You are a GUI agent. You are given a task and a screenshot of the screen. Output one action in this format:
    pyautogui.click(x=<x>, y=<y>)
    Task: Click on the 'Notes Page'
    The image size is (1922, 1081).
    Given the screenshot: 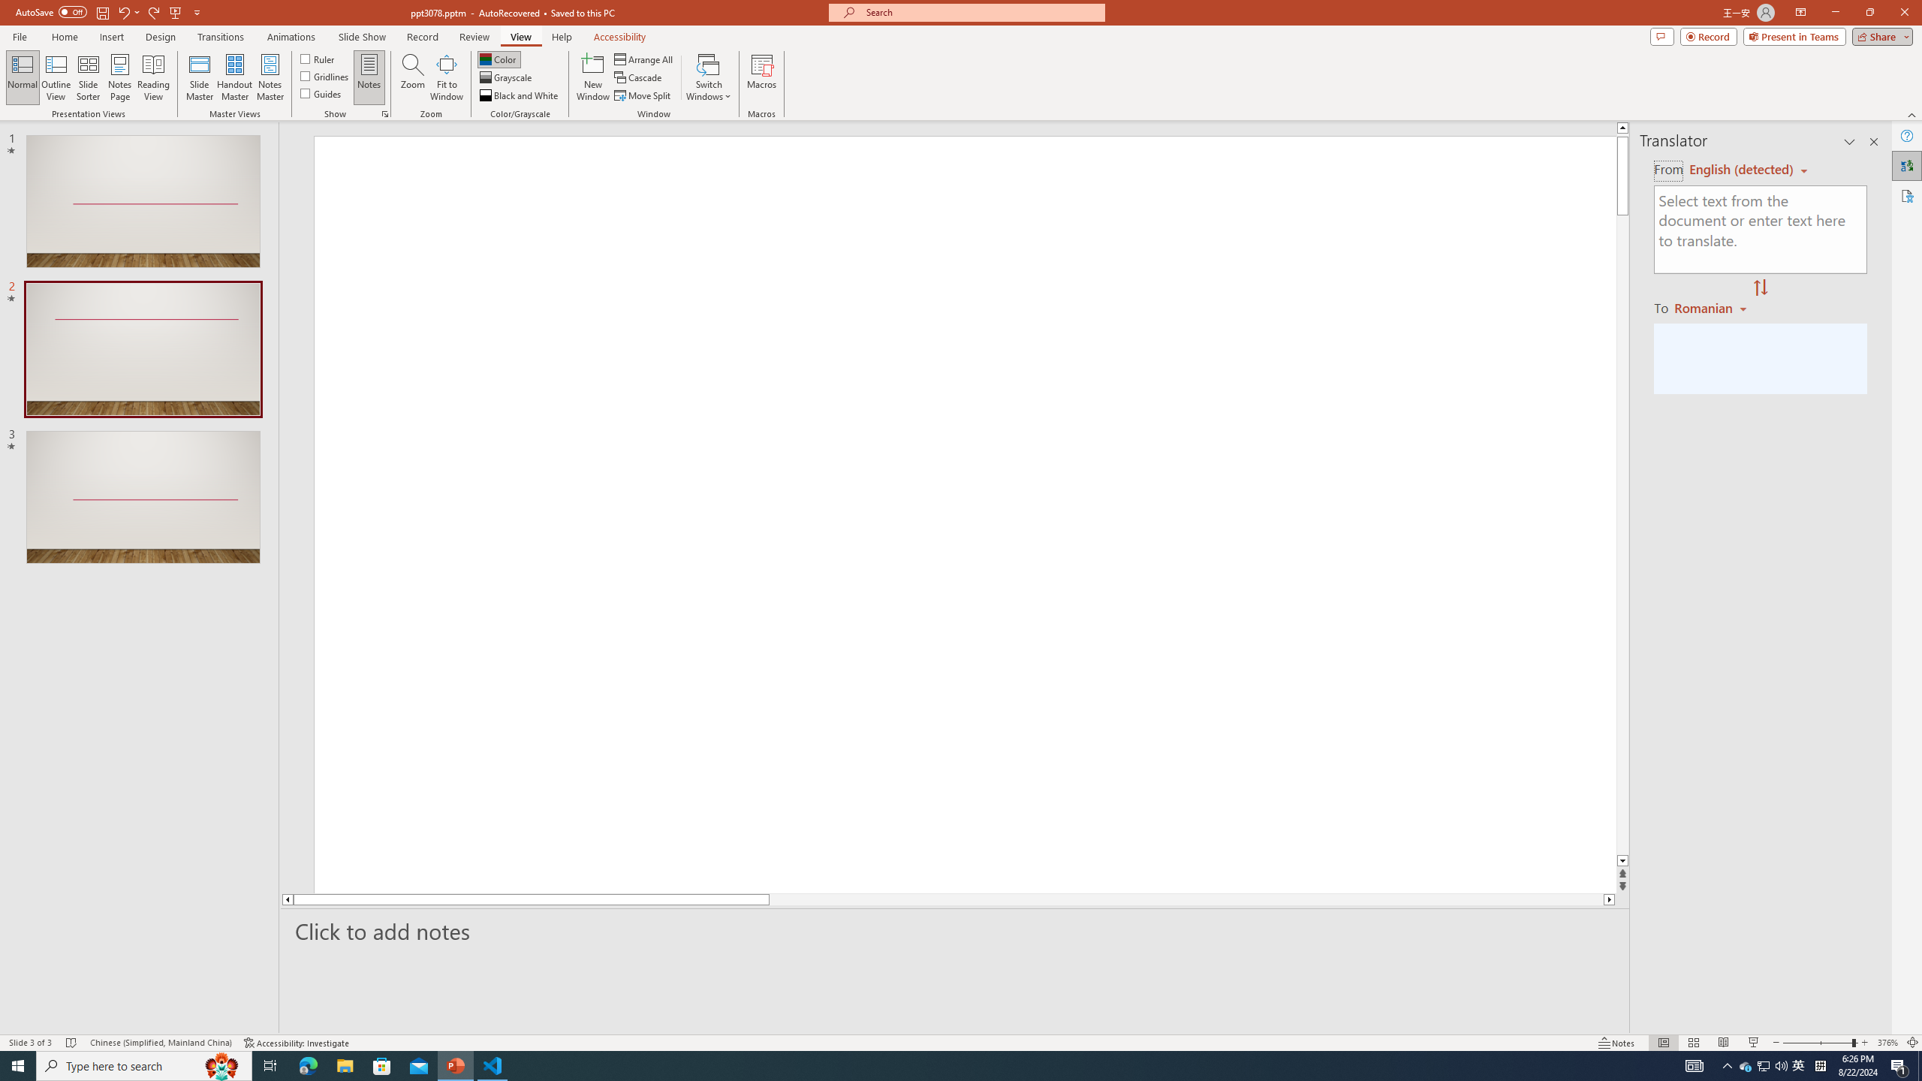 What is the action you would take?
    pyautogui.click(x=119, y=77)
    